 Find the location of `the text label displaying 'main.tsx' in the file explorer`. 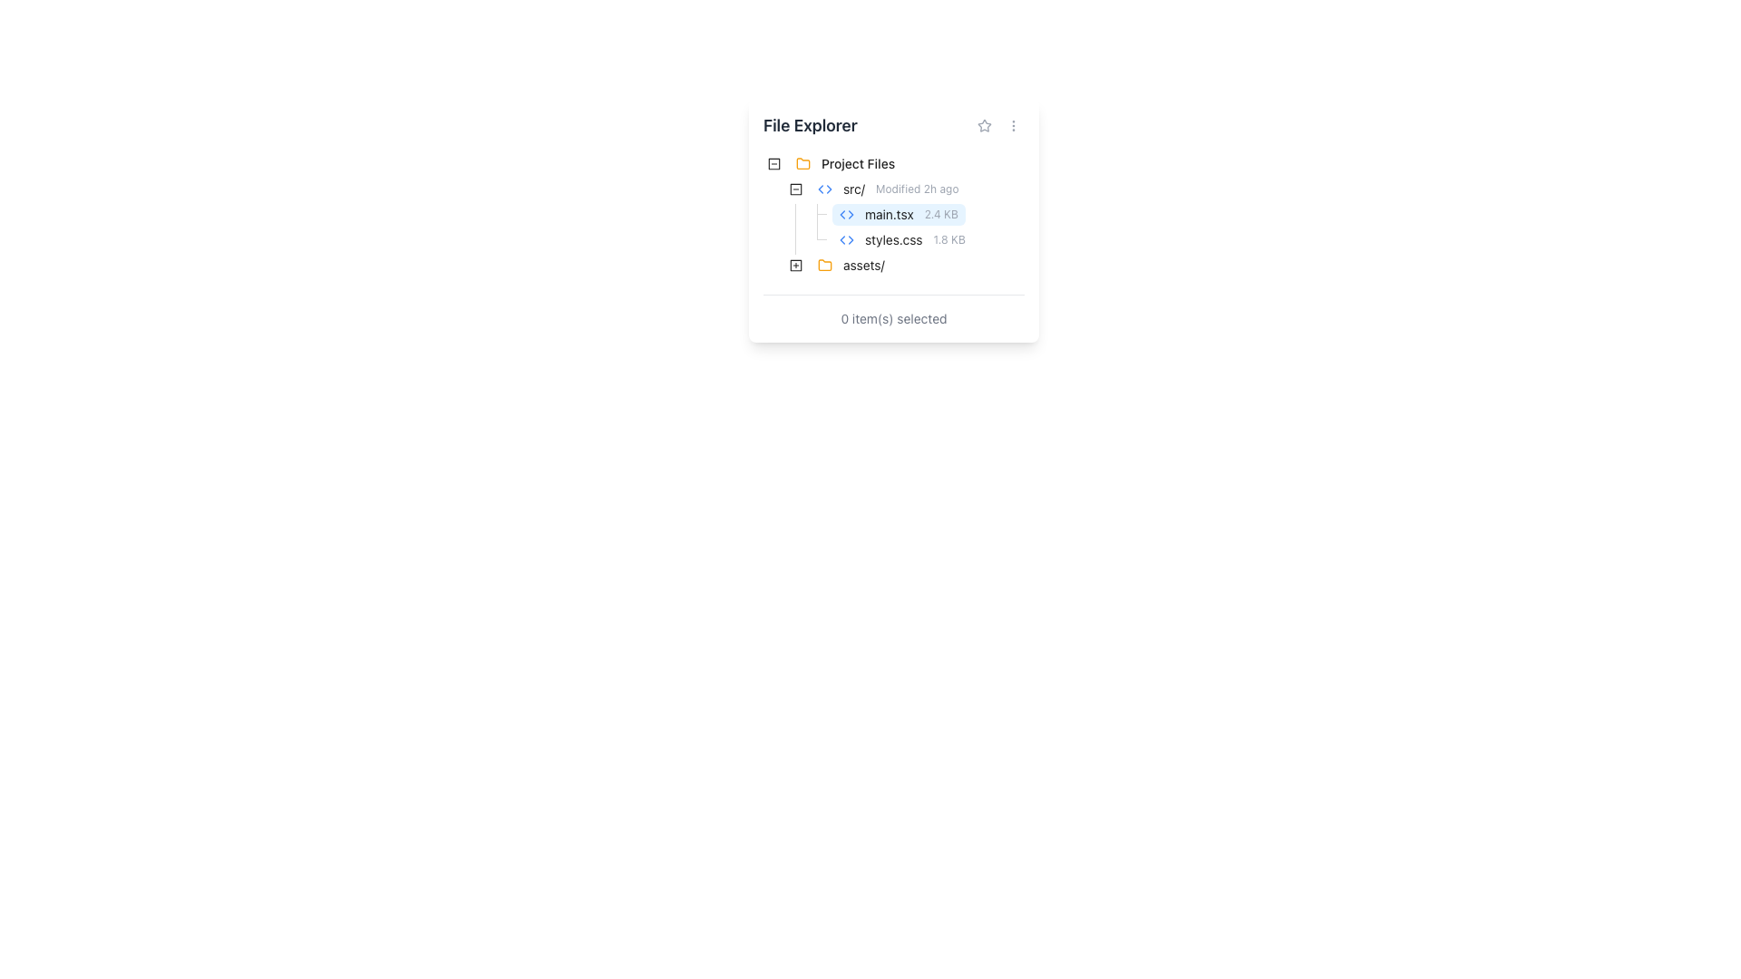

the text label displaying 'main.tsx' in the file explorer is located at coordinates (889, 213).